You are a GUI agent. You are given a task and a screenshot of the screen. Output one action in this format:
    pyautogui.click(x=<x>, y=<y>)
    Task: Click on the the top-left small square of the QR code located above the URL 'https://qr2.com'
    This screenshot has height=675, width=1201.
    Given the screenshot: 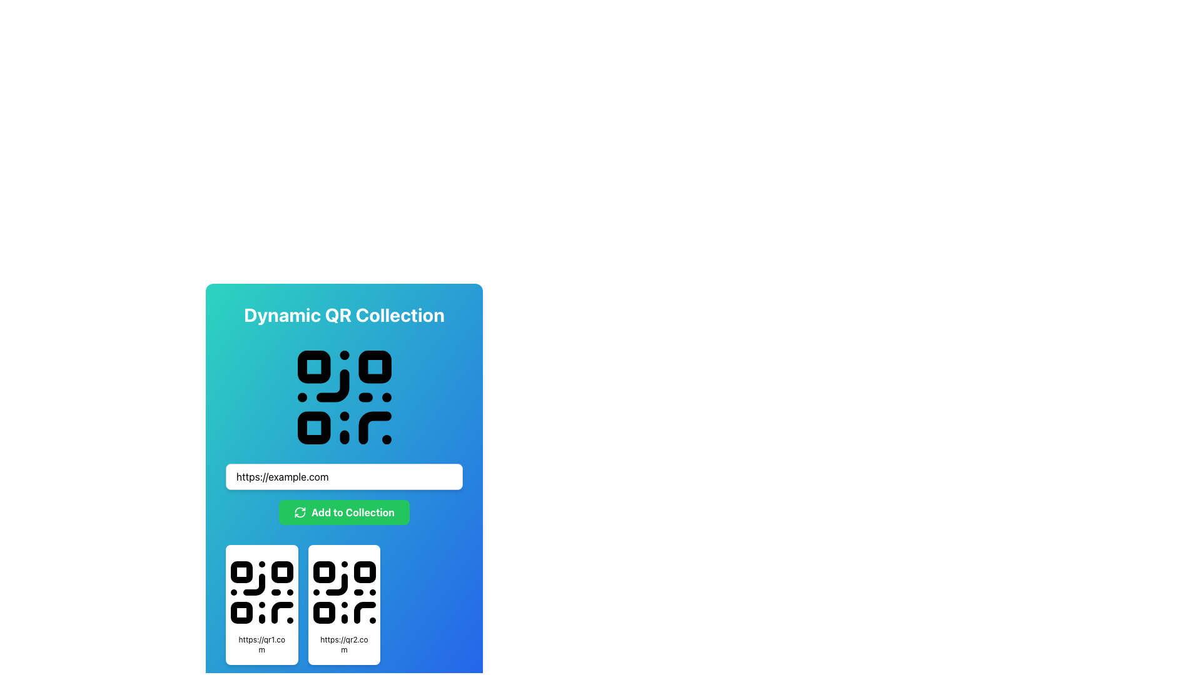 What is the action you would take?
    pyautogui.click(x=324, y=571)
    